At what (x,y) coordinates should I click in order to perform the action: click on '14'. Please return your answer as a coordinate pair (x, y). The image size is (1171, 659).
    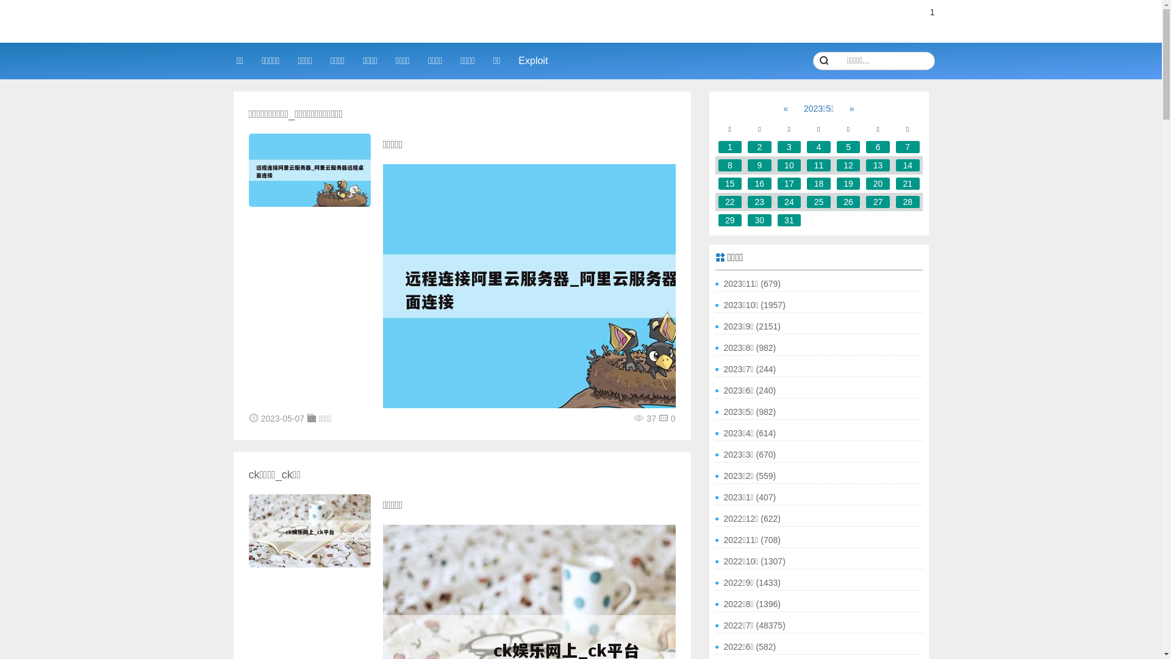
    Looking at the image, I should click on (908, 165).